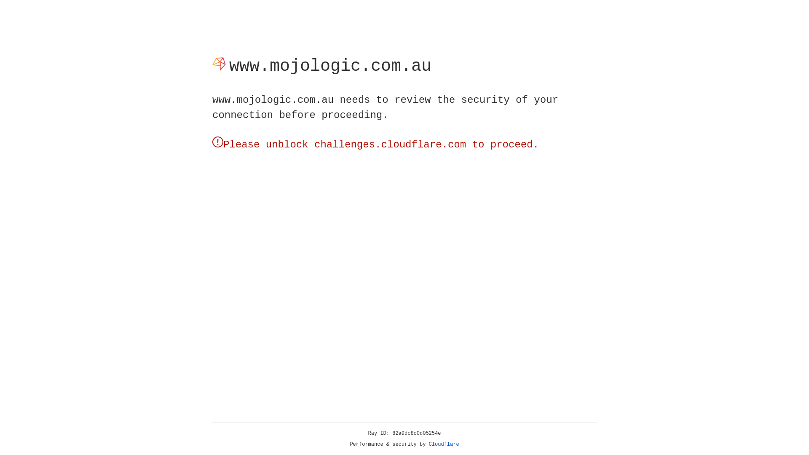 The image size is (809, 455). What do you see at coordinates (429, 444) in the screenshot?
I see `'Cloudflare'` at bounding box center [429, 444].